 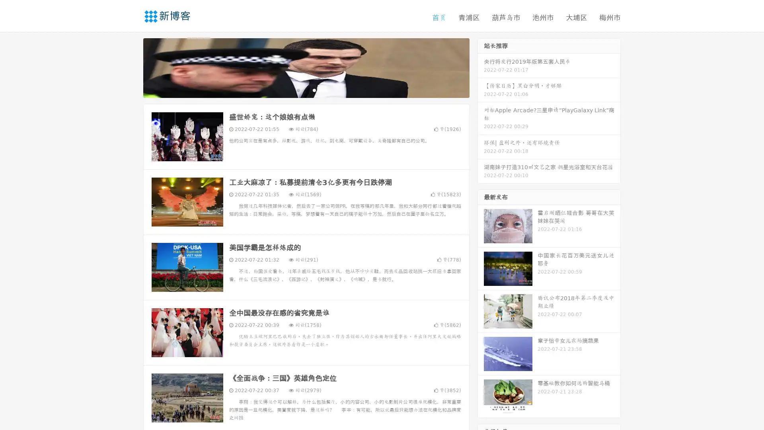 What do you see at coordinates (481, 67) in the screenshot?
I see `Next slide` at bounding box center [481, 67].